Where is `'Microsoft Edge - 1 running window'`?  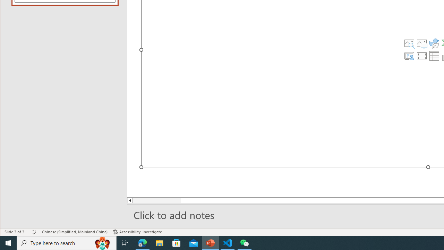
'Microsoft Edge - 1 running window' is located at coordinates (142, 242).